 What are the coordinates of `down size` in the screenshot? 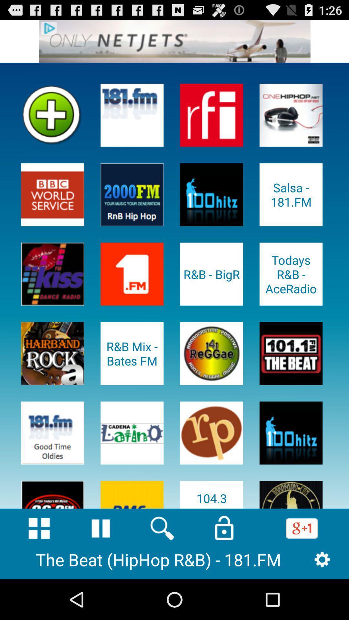 It's located at (39, 528).